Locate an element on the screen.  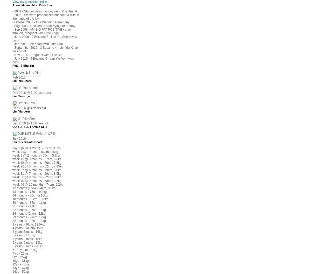
'week 40 @ 9 months - 73cm, 8.7kg' is located at coordinates (37, 180).